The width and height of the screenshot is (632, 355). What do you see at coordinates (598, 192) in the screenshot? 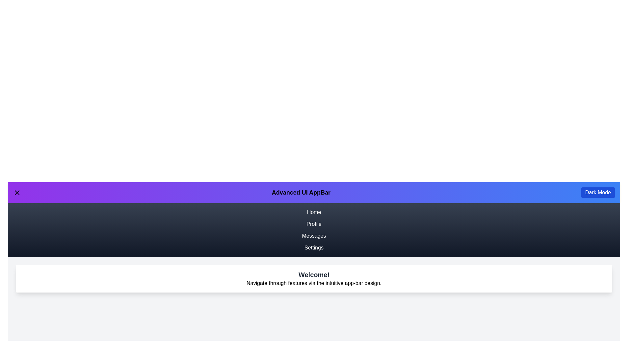
I see `the 'Dark Mode' button to toggle the mode` at bounding box center [598, 192].